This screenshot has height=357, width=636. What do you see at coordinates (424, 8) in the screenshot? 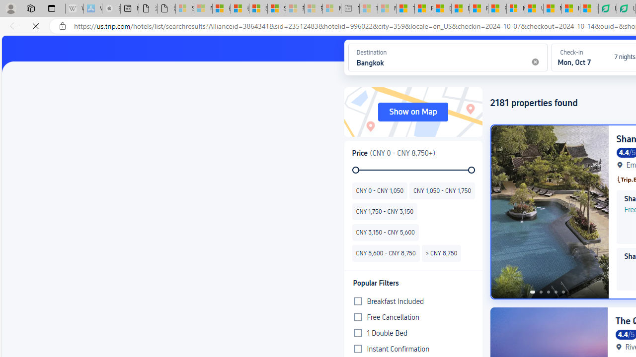
I see `'Food and Drink - MSN'` at bounding box center [424, 8].